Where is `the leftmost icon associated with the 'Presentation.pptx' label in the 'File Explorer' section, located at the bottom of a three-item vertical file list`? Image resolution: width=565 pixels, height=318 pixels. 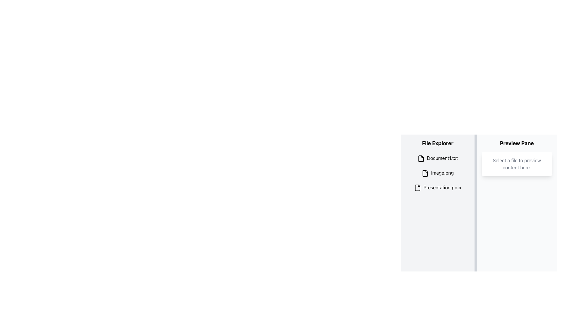 the leftmost icon associated with the 'Presentation.pptx' label in the 'File Explorer' section, located at the bottom of a three-item vertical file list is located at coordinates (417, 188).